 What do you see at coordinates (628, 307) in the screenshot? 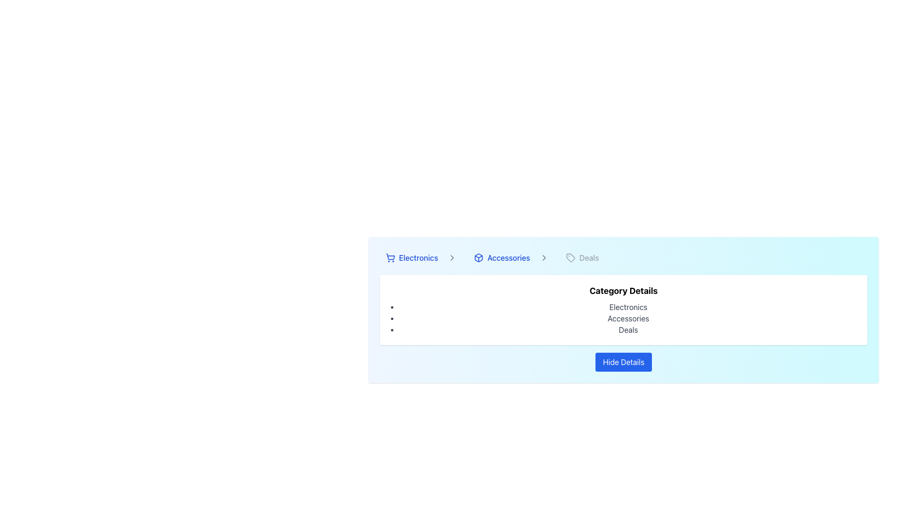
I see `the 'Electronics' text label, which is the first item in a vertical list of items under the 'Category Details' heading` at bounding box center [628, 307].